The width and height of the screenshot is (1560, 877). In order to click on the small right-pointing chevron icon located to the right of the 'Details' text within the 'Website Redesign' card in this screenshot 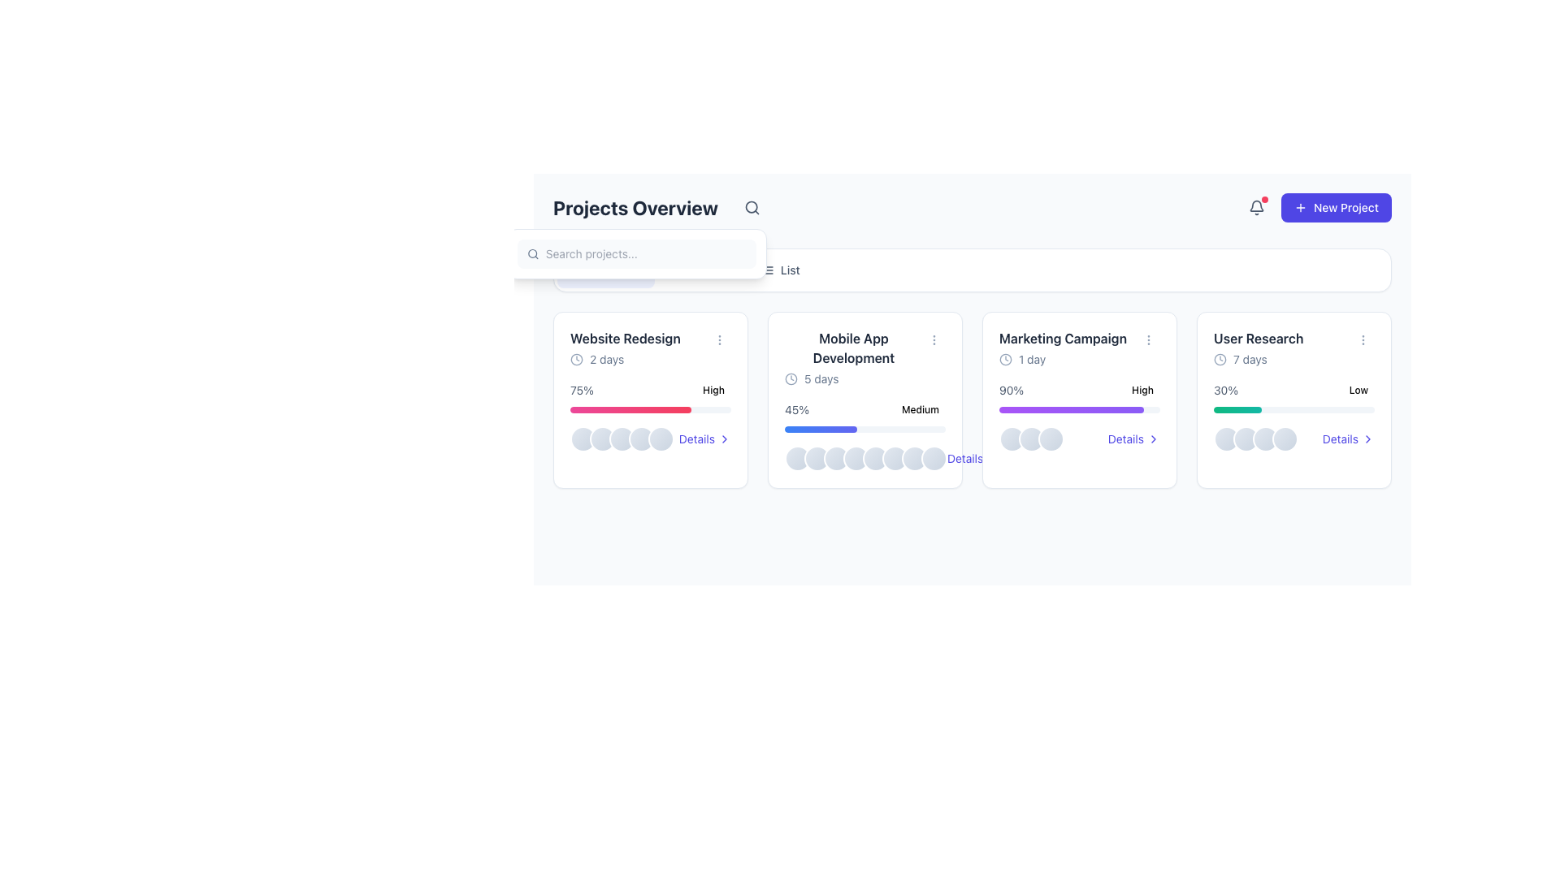, I will do `click(724, 438)`.